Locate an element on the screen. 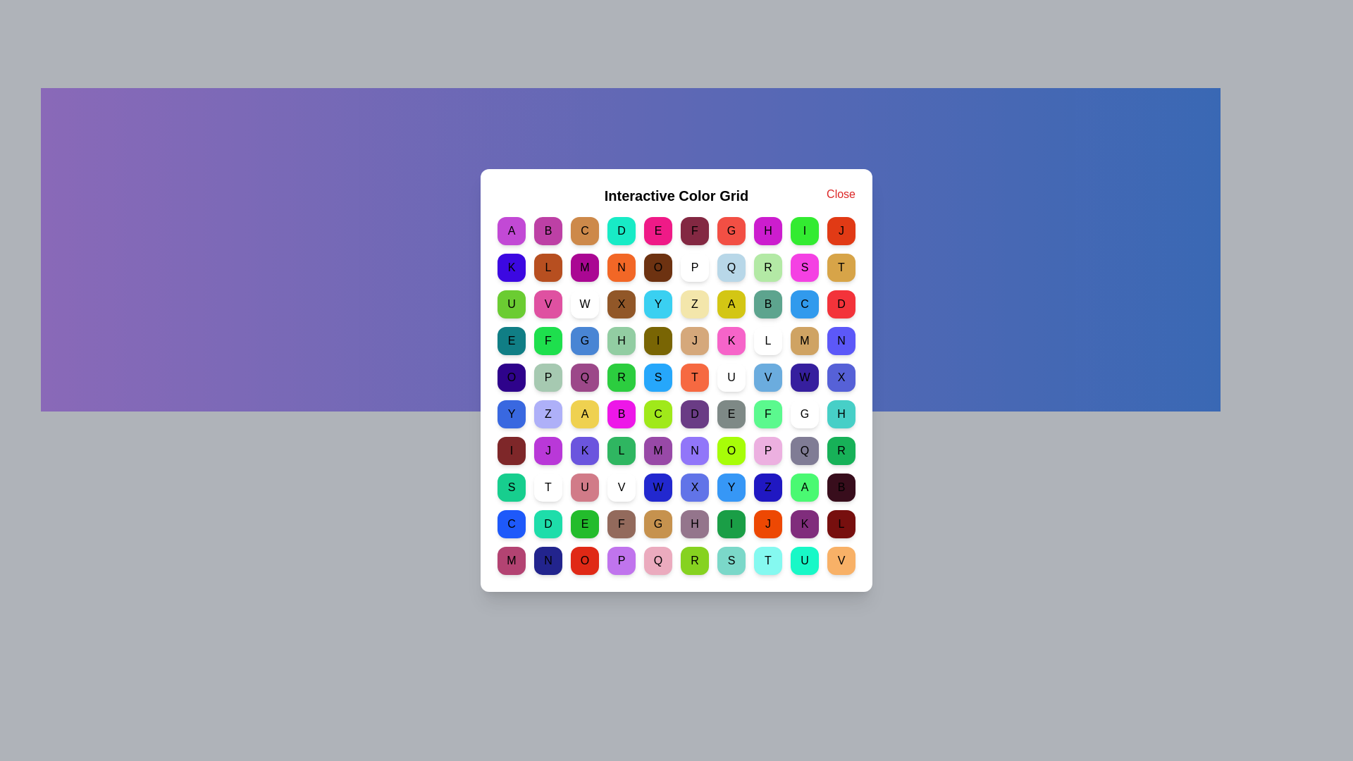 Image resolution: width=1353 pixels, height=761 pixels. the grid cell labeled C to view its color message is located at coordinates (585, 230).